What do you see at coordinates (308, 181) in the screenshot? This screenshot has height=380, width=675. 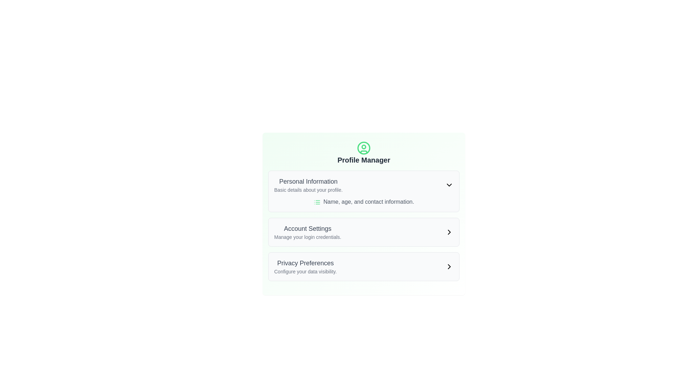 I see `the 'Personal Information' text label, which is styled in grey and serves as a section header above the descriptive sentence` at bounding box center [308, 181].